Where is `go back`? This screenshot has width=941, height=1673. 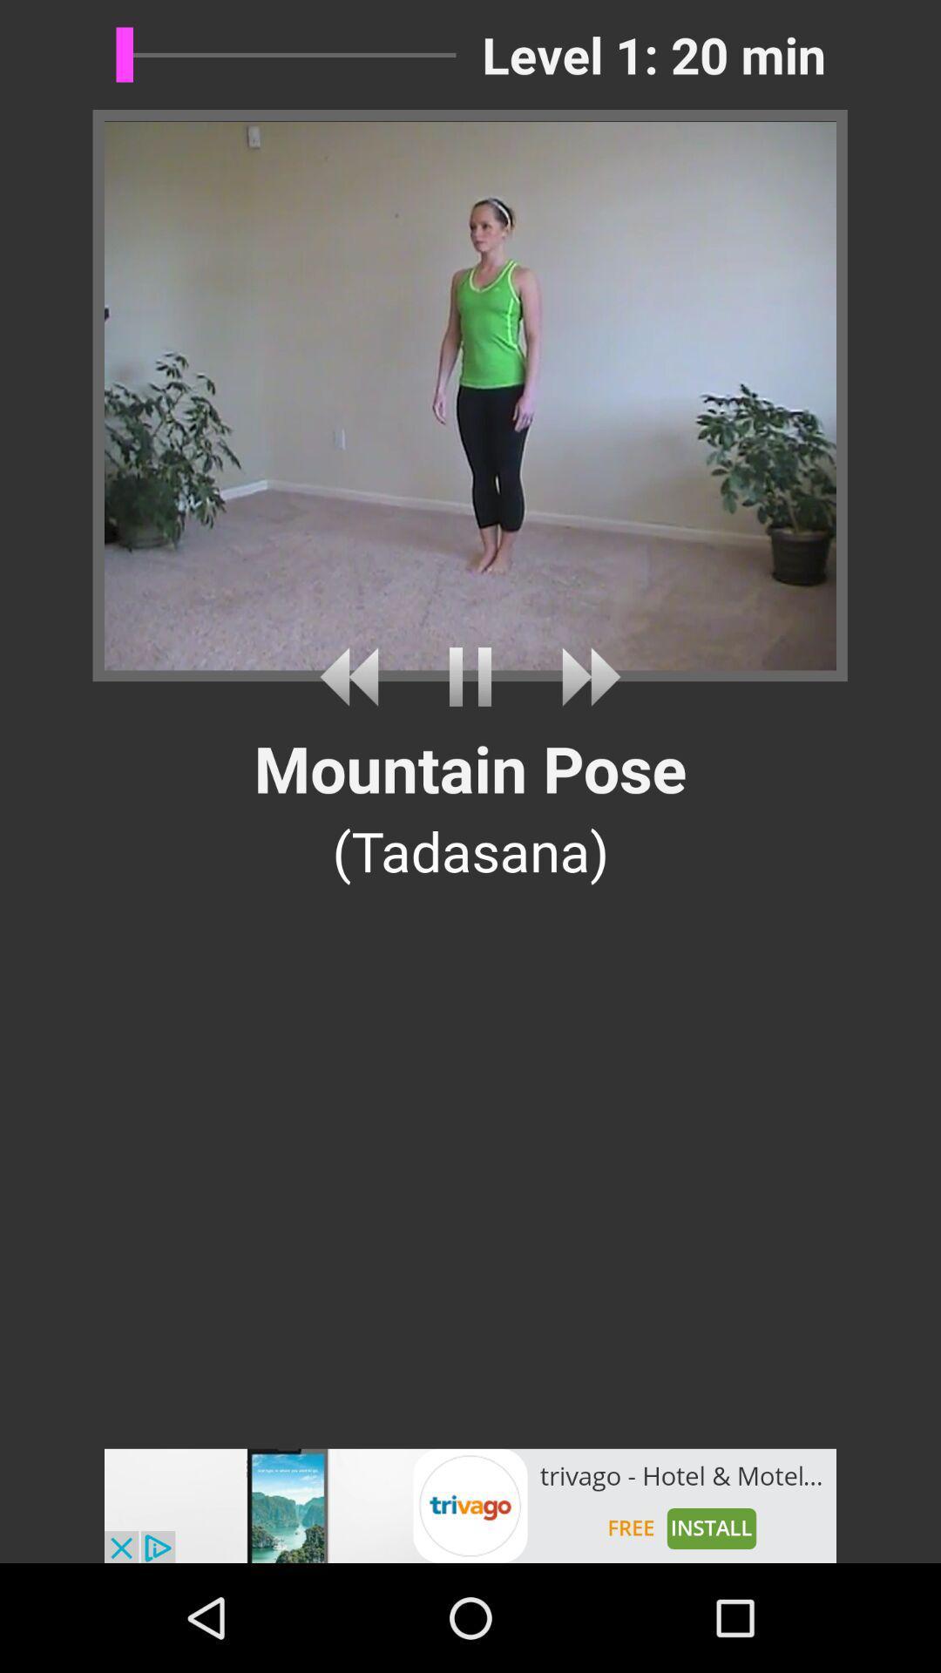
go back is located at coordinates (355, 676).